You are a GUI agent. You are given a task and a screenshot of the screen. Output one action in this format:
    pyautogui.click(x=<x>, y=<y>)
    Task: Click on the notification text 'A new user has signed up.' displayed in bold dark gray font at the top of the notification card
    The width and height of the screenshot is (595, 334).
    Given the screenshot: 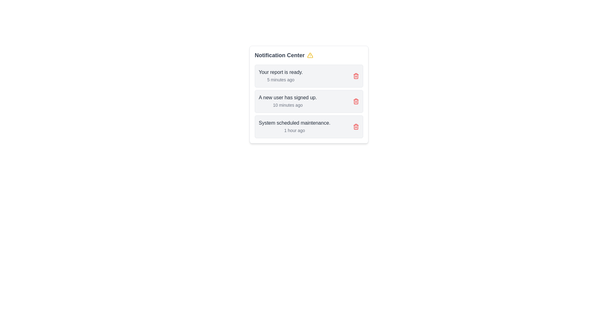 What is the action you would take?
    pyautogui.click(x=287, y=97)
    